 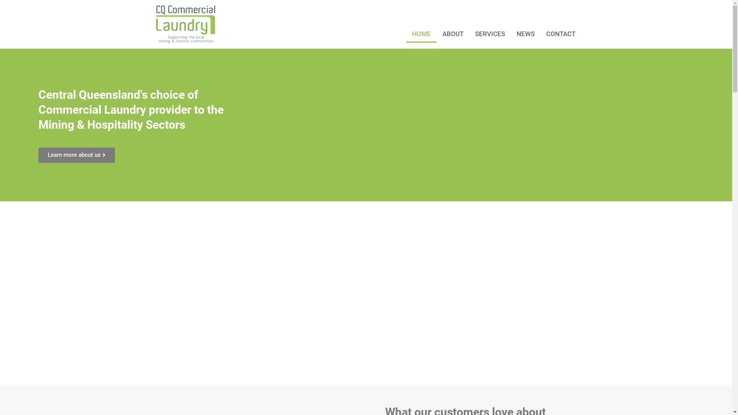 I want to click on 'ABOUT', so click(x=453, y=33).